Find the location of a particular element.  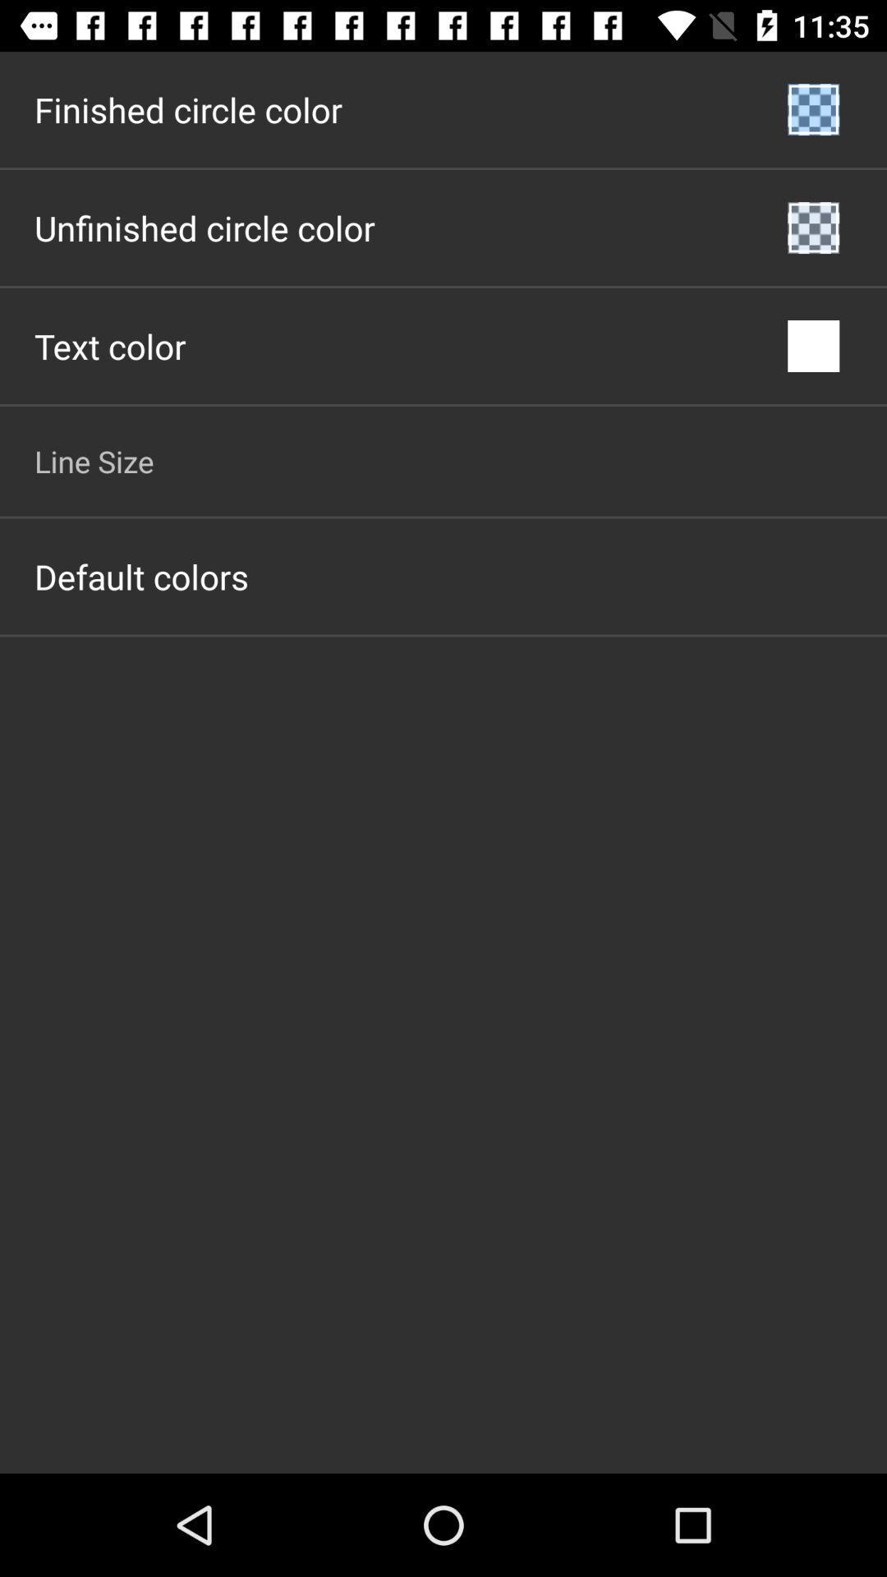

app to the right of the unfinished circle color is located at coordinates (813, 227).